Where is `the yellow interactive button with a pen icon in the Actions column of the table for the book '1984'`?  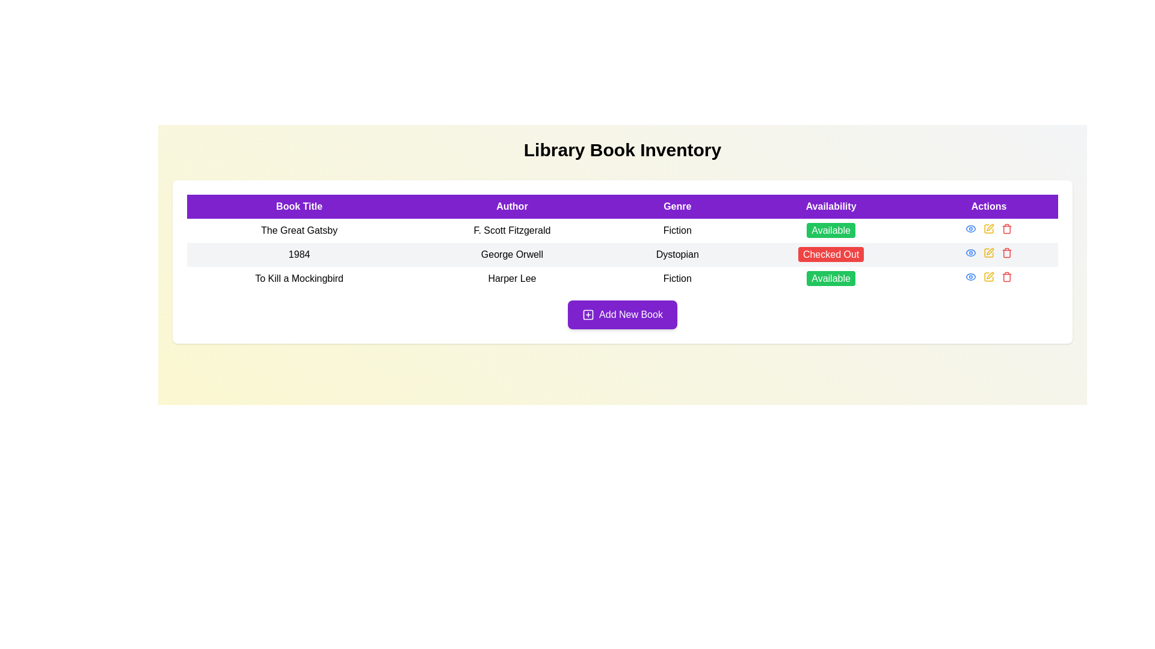 the yellow interactive button with a pen icon in the Actions column of the table for the book '1984' is located at coordinates (989, 252).